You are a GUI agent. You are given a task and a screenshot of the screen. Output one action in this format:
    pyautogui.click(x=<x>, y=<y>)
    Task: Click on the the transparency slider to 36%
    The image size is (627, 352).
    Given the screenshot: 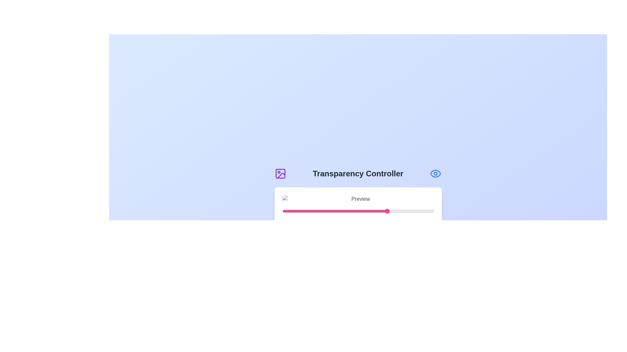 What is the action you would take?
    pyautogui.click(x=337, y=211)
    